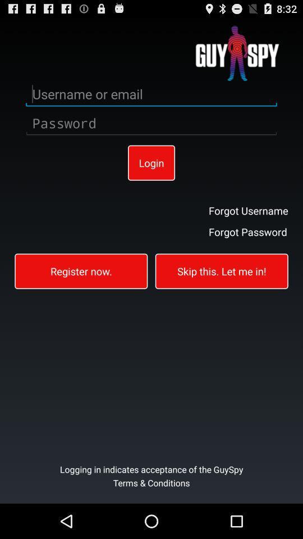  Describe the element at coordinates (80, 270) in the screenshot. I see `the button on the left` at that location.